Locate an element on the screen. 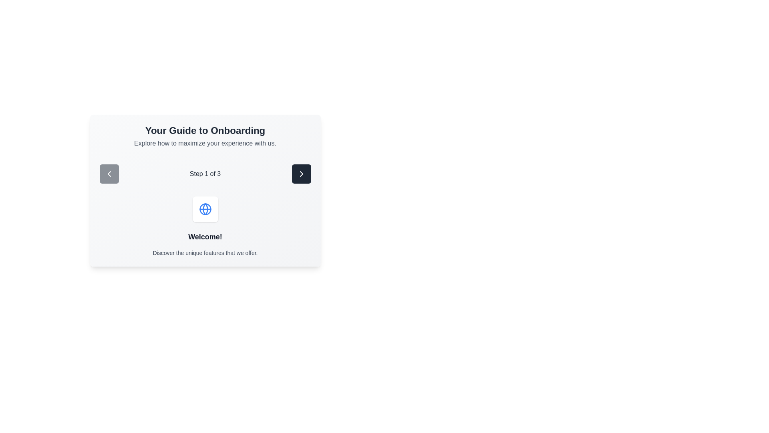 This screenshot has height=433, width=769. the decorative icon which is a white rounded rectangle containing a prominent blue globe icon, located above the text 'Welcome!' and 'Discover the unique features that we offer.' is located at coordinates (205, 208).